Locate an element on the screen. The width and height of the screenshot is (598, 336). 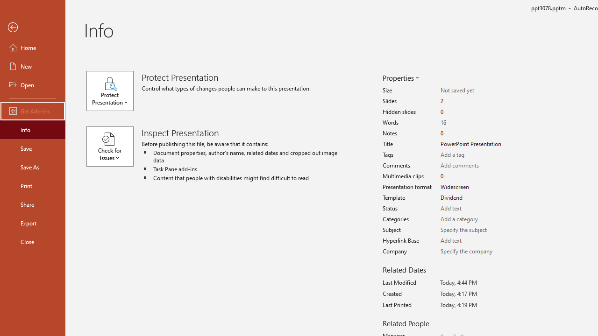
'Back' is located at coordinates (32, 27).